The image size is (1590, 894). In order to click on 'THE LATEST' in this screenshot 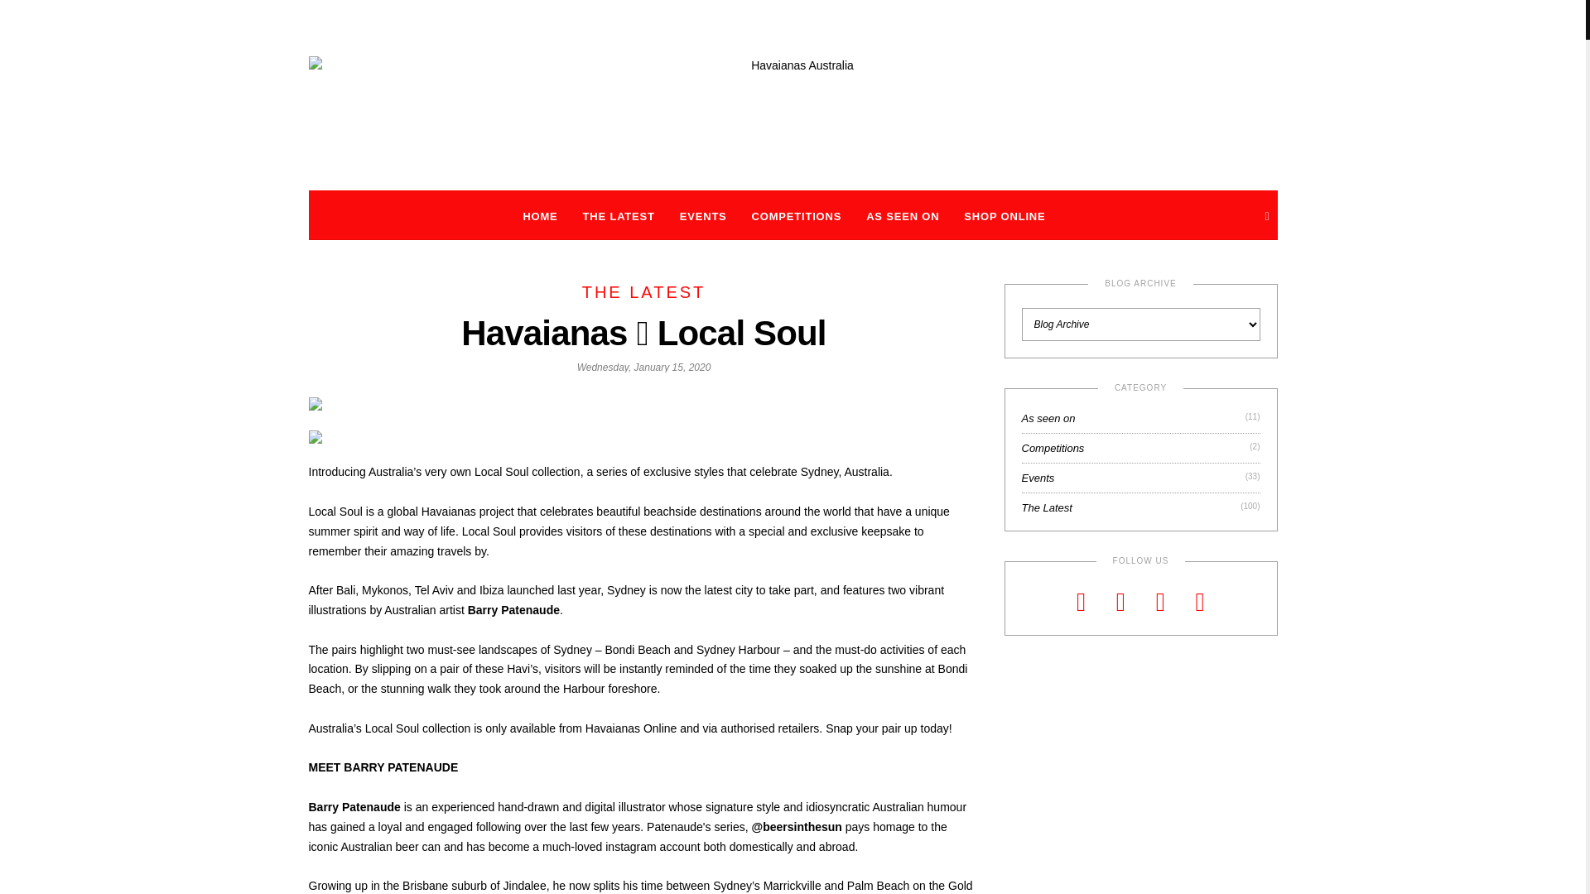, I will do `click(643, 291)`.